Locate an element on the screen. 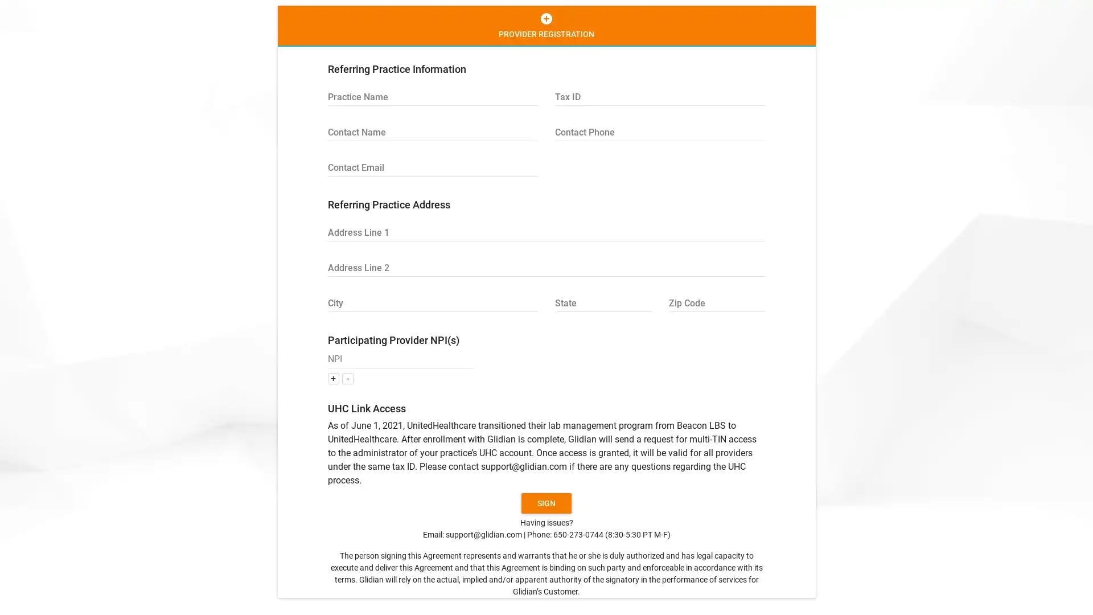 This screenshot has width=1093, height=615. SIGN is located at coordinates (546, 502).